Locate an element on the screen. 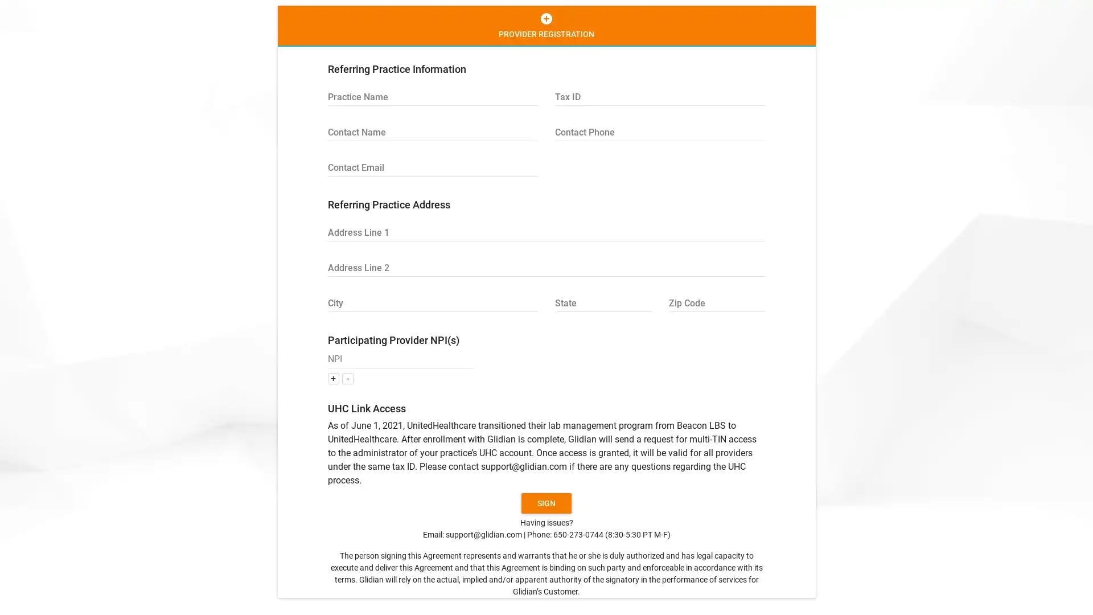 This screenshot has width=1093, height=615. SIGN is located at coordinates (546, 502).